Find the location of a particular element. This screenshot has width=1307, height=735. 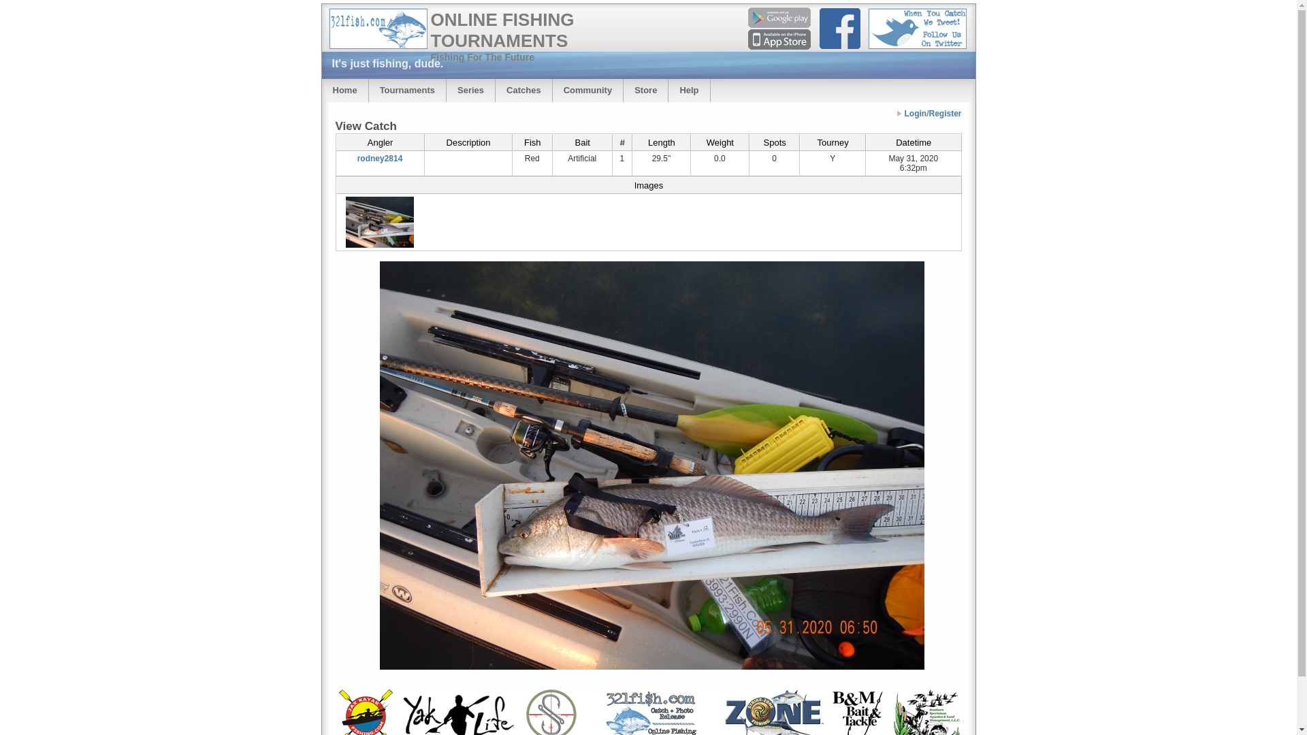

'Facebook' is located at coordinates (839, 29).